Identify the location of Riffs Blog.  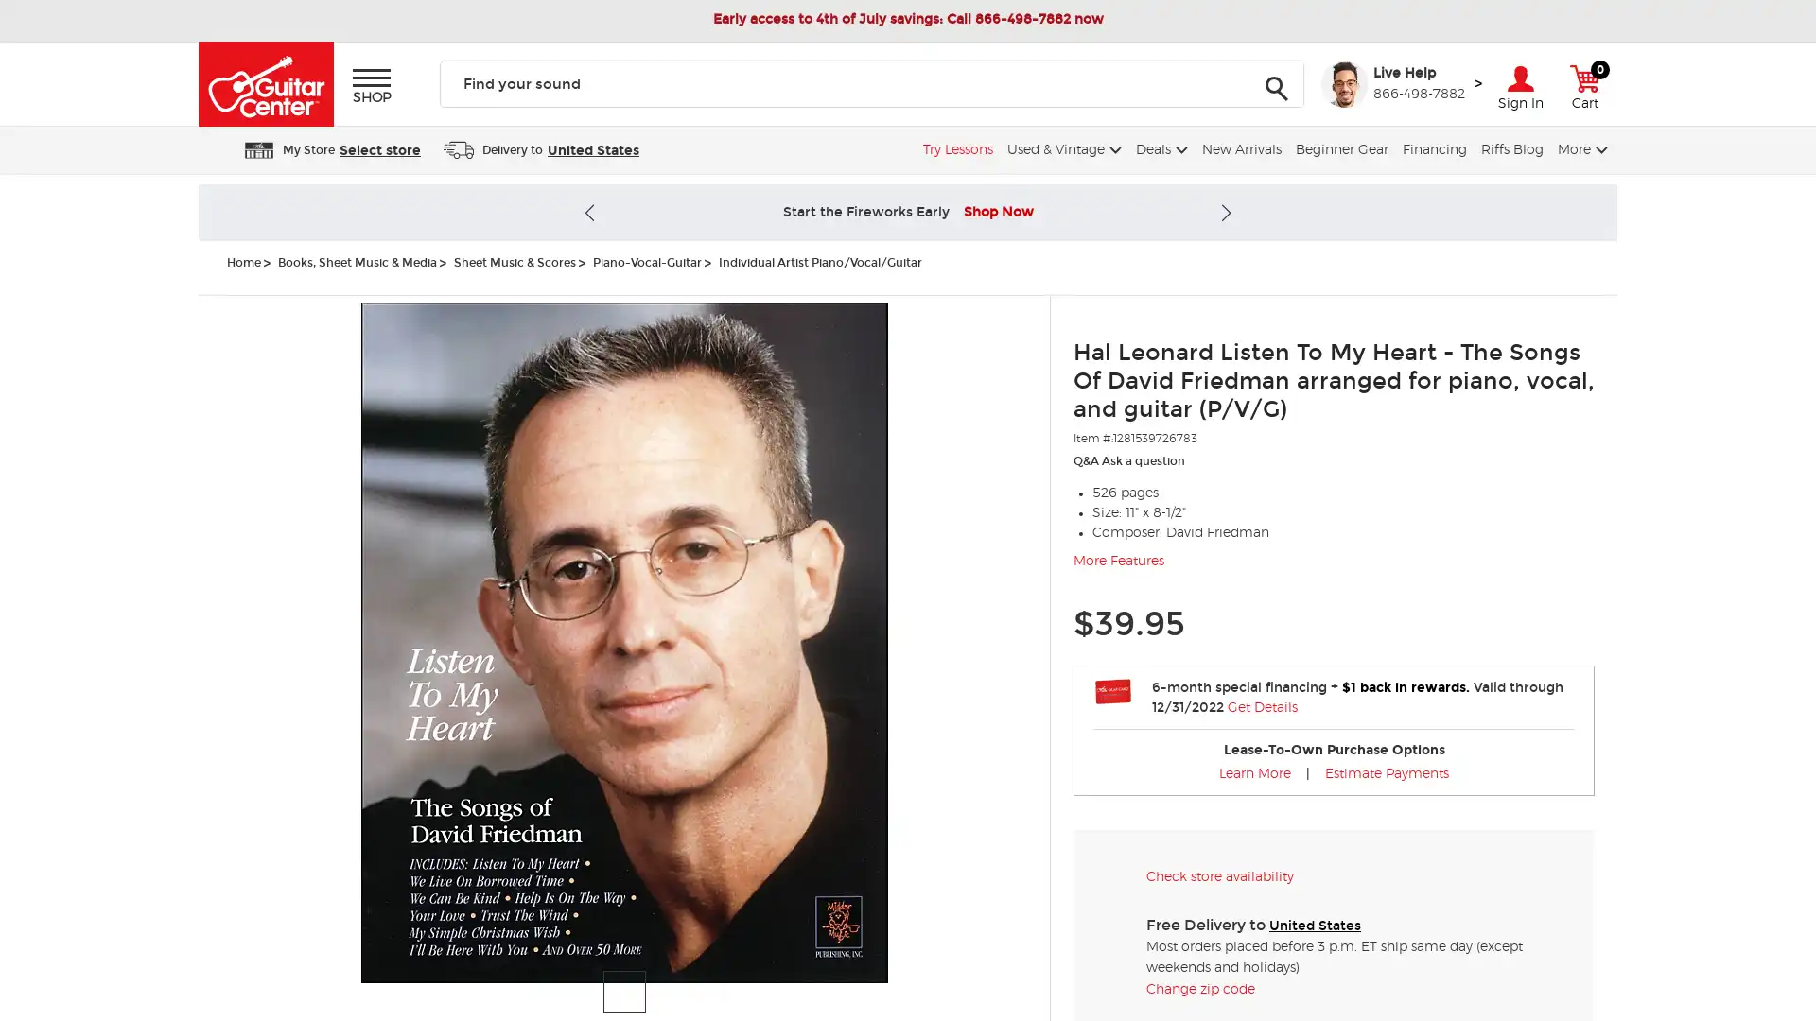
(1509, 148).